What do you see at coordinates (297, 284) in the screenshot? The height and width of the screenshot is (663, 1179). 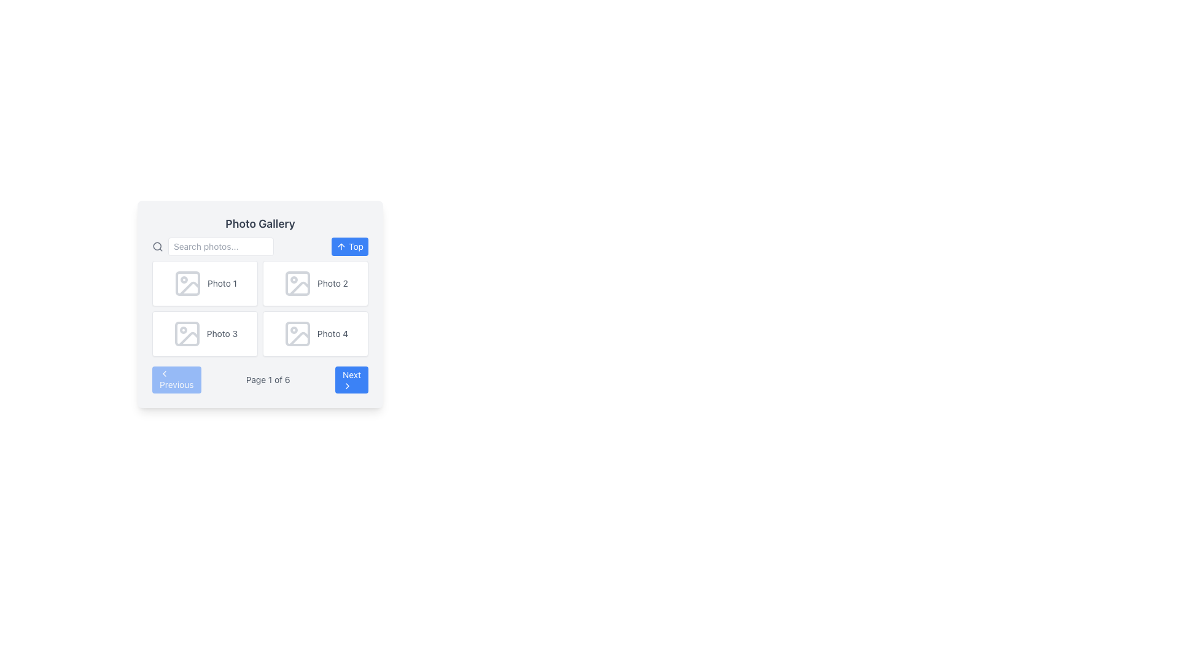 I see `the decorative graphical element represented by a small gray rectangle with rounded corners located in the second image slot of the 'Photo Gallery' interface, associated with 'Photo 2'` at bounding box center [297, 284].